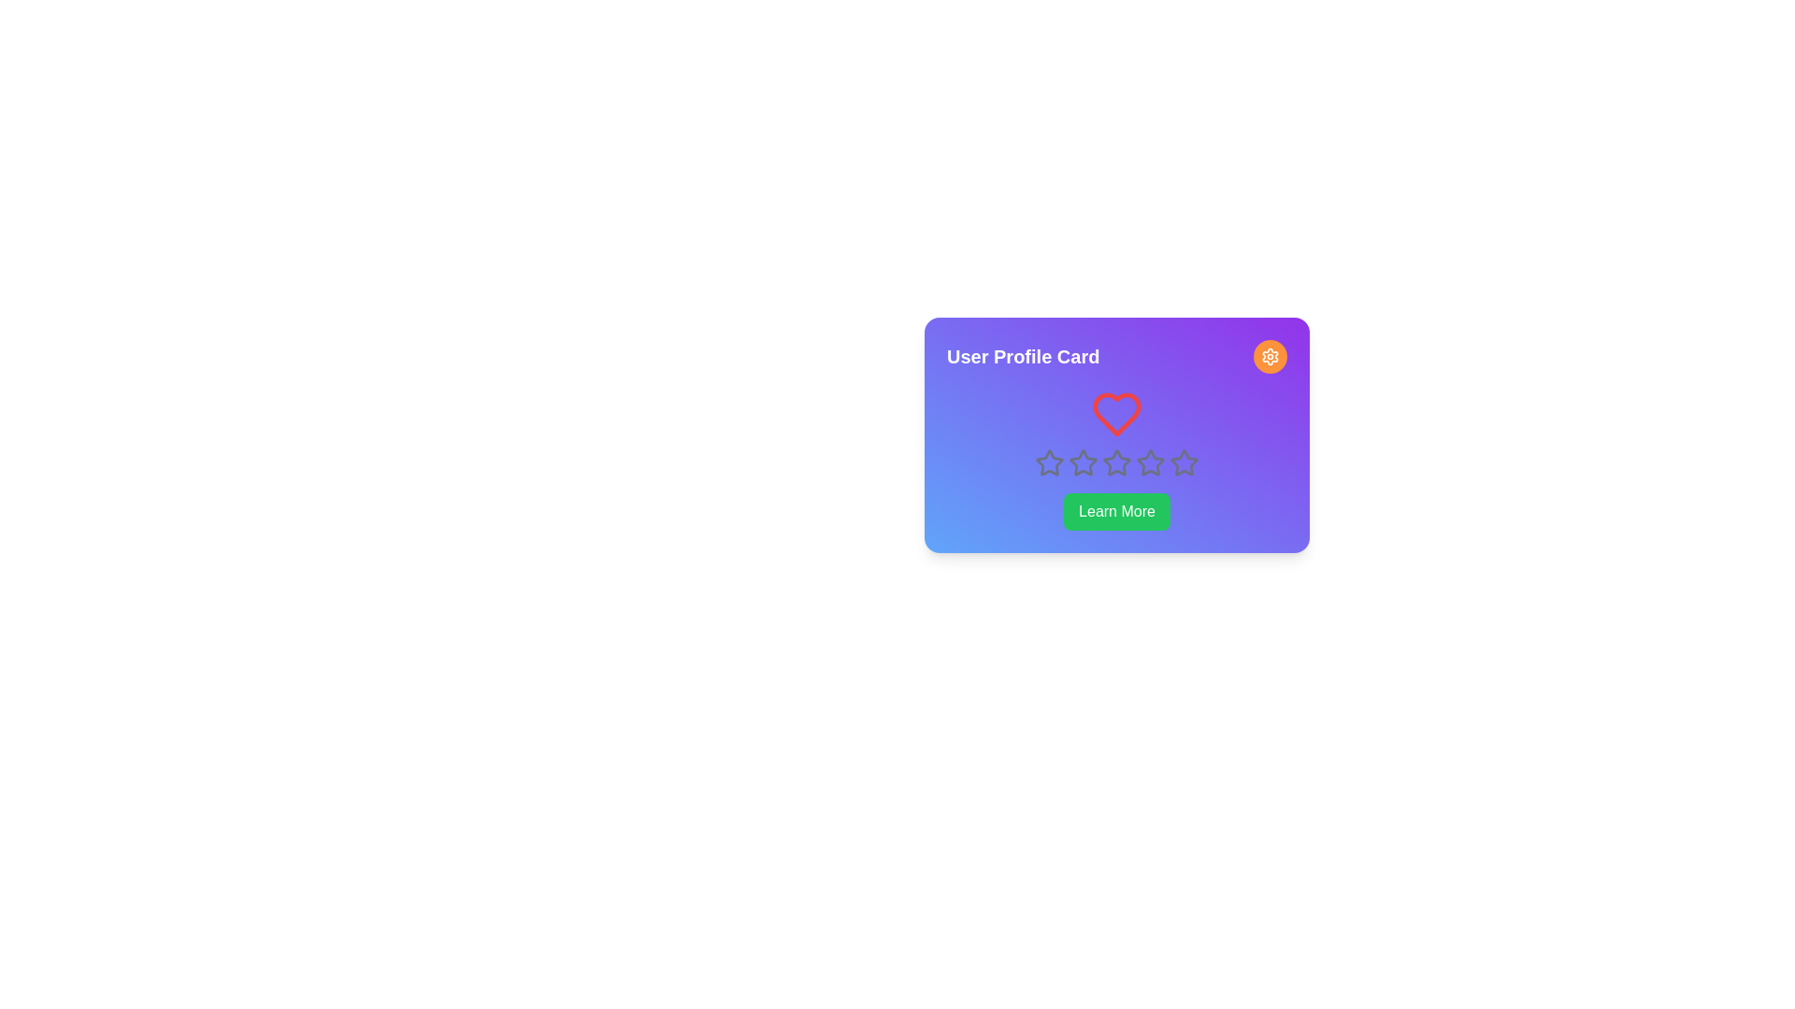 The height and width of the screenshot is (1009, 1795). What do you see at coordinates (1117, 511) in the screenshot?
I see `the 'Learn More' button with a green background and white bold text to observe the hover effect` at bounding box center [1117, 511].